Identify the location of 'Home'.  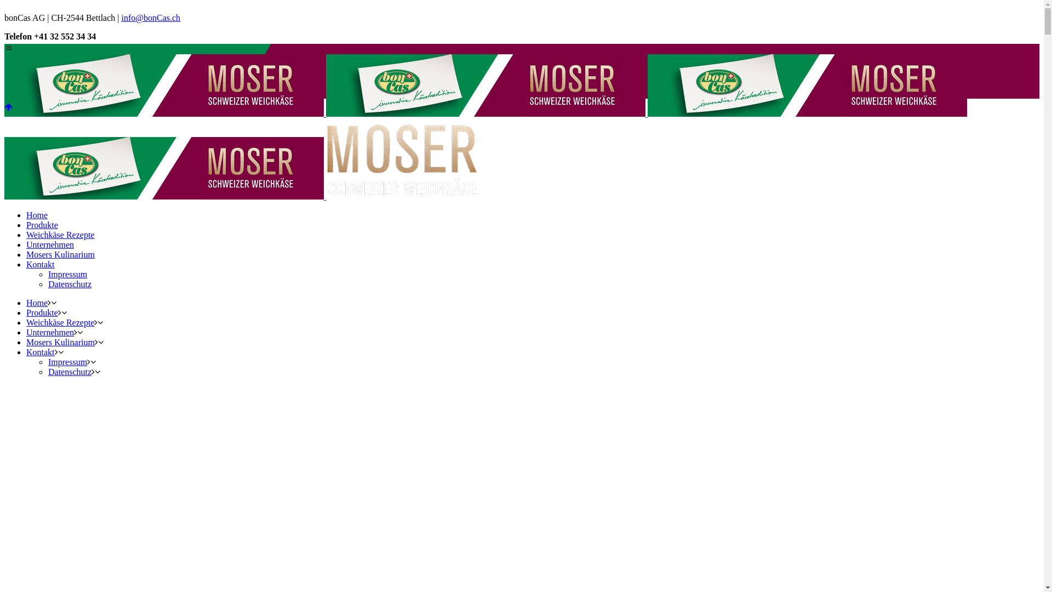
(37, 215).